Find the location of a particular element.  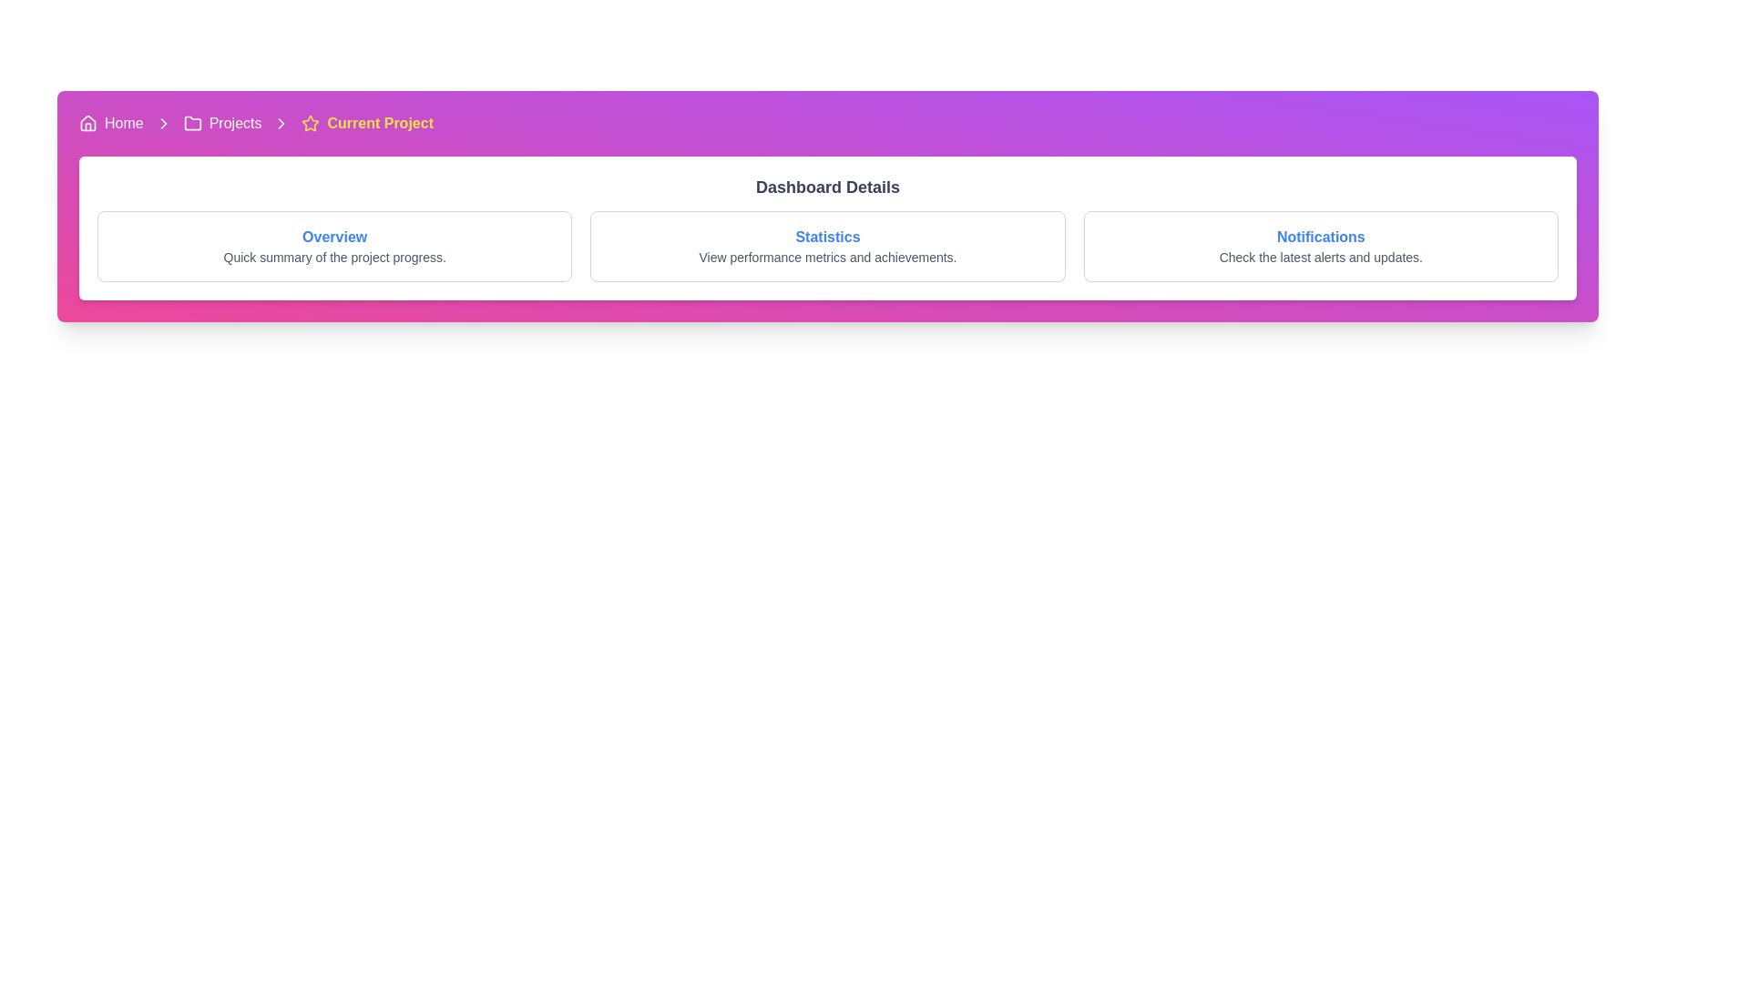

the 'Projects' icon in the breadcrumb navigation bar, which is the first element in the group containing a folder icon and a label reading 'Projects' is located at coordinates (192, 123).